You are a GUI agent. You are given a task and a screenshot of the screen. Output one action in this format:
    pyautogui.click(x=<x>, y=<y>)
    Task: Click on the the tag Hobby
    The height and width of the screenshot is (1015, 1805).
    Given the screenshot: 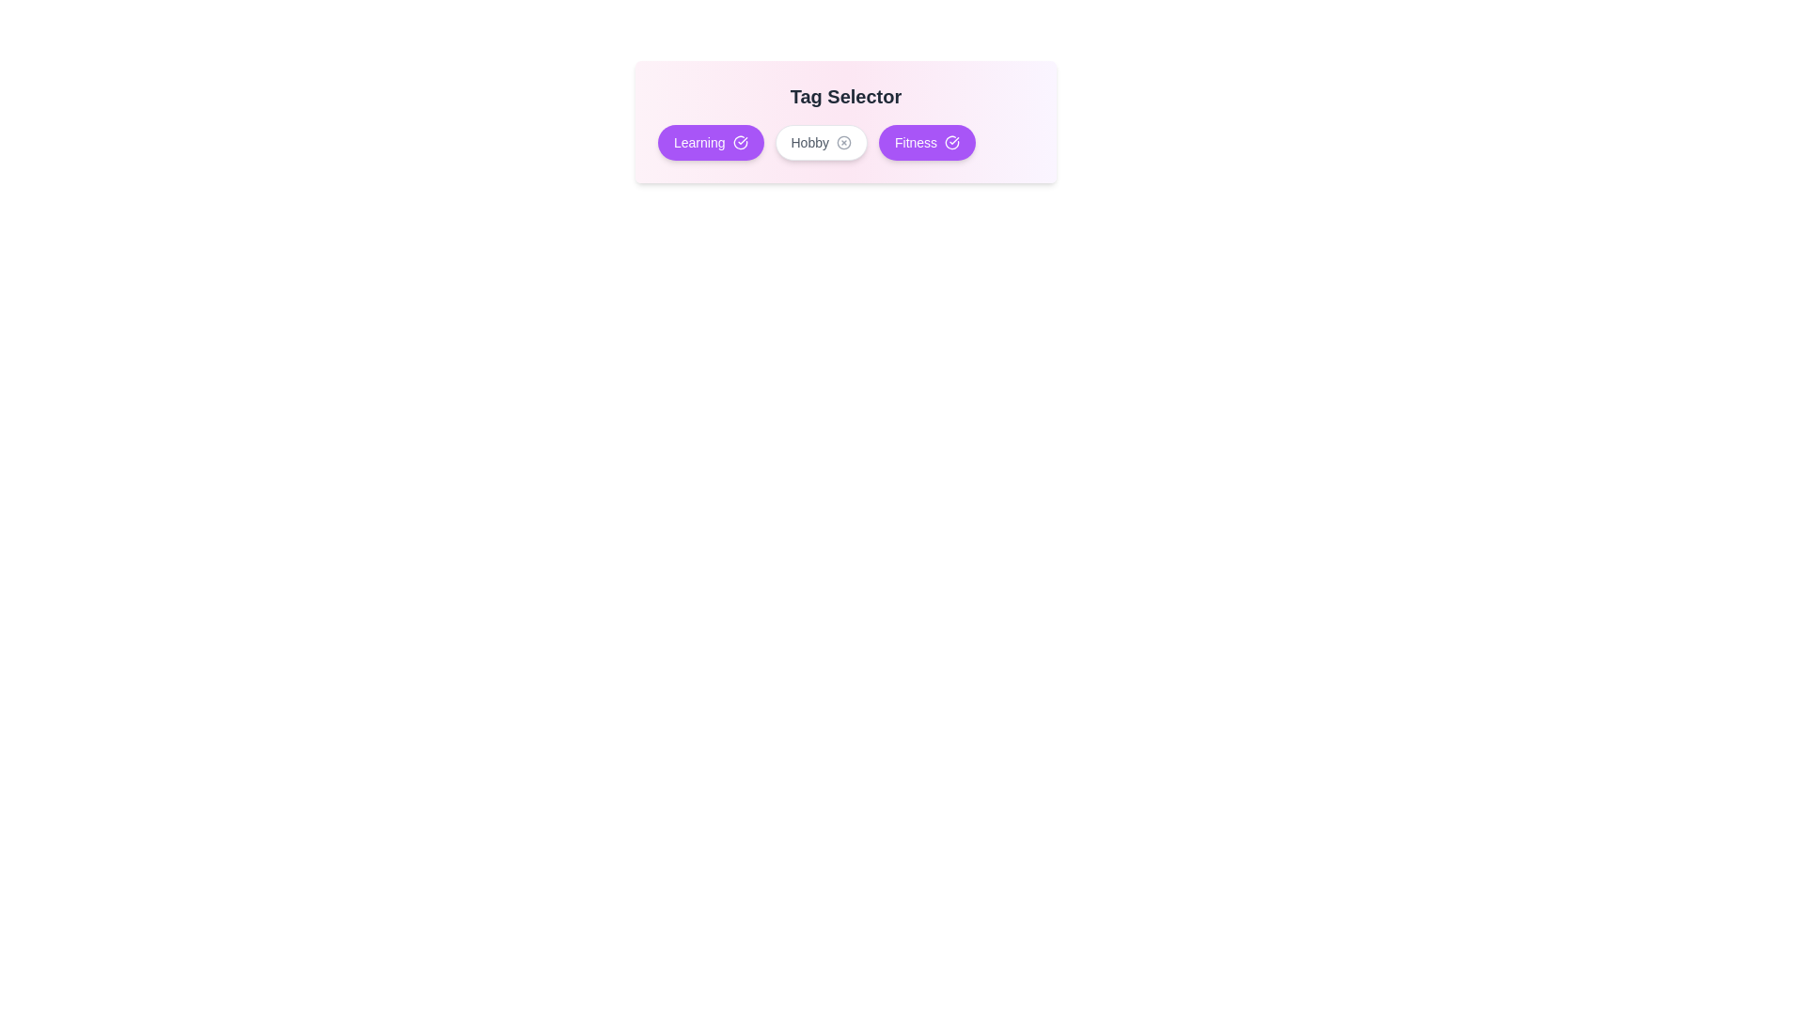 What is the action you would take?
    pyautogui.click(x=821, y=141)
    